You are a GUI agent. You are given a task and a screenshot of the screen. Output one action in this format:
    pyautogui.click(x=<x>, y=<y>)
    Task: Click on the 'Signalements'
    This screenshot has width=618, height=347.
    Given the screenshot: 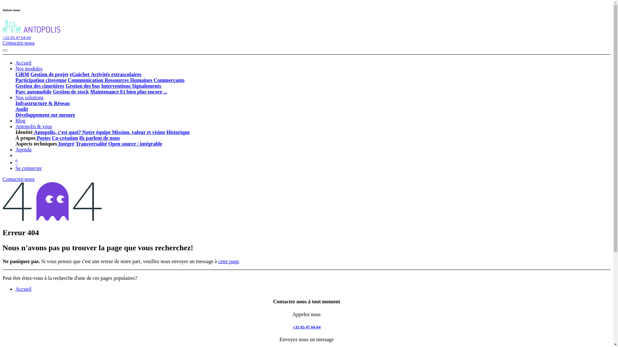 What is the action you would take?
    pyautogui.click(x=145, y=85)
    